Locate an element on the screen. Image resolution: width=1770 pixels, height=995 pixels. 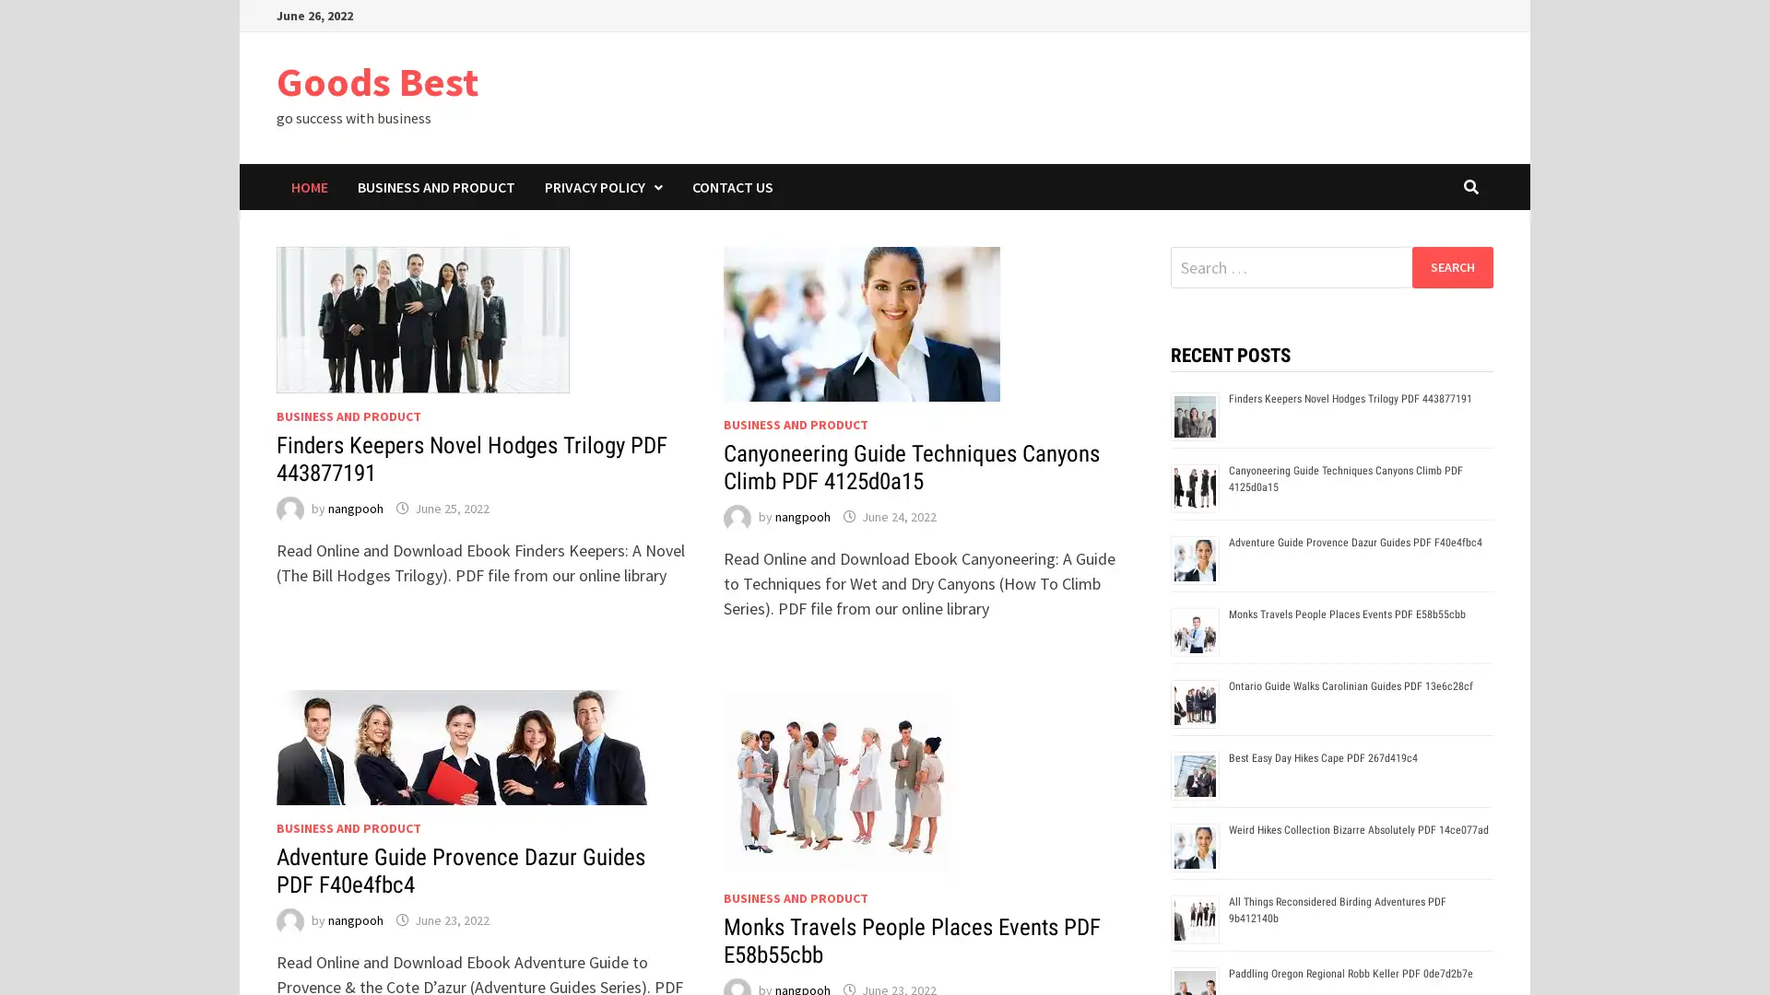
Search is located at coordinates (1451, 266).